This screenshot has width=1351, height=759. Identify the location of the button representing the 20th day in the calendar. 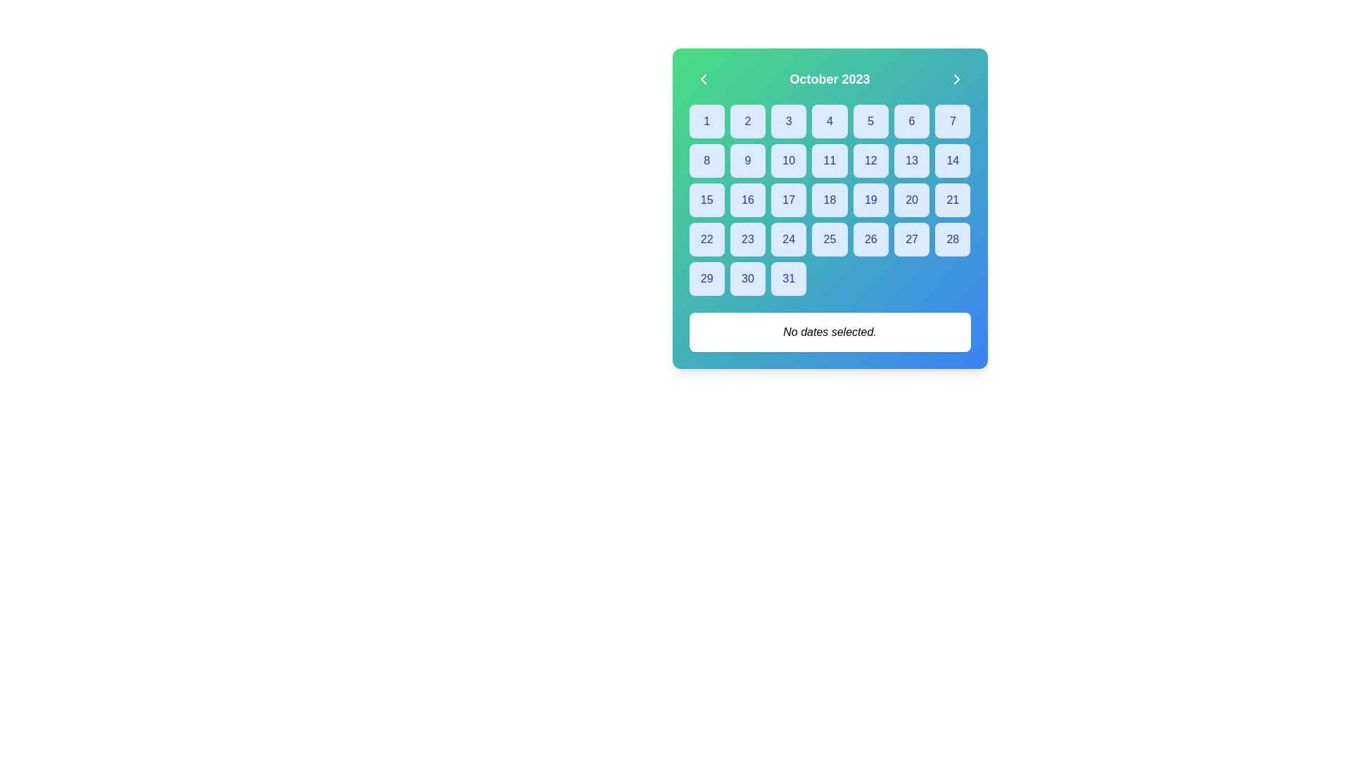
(912, 200).